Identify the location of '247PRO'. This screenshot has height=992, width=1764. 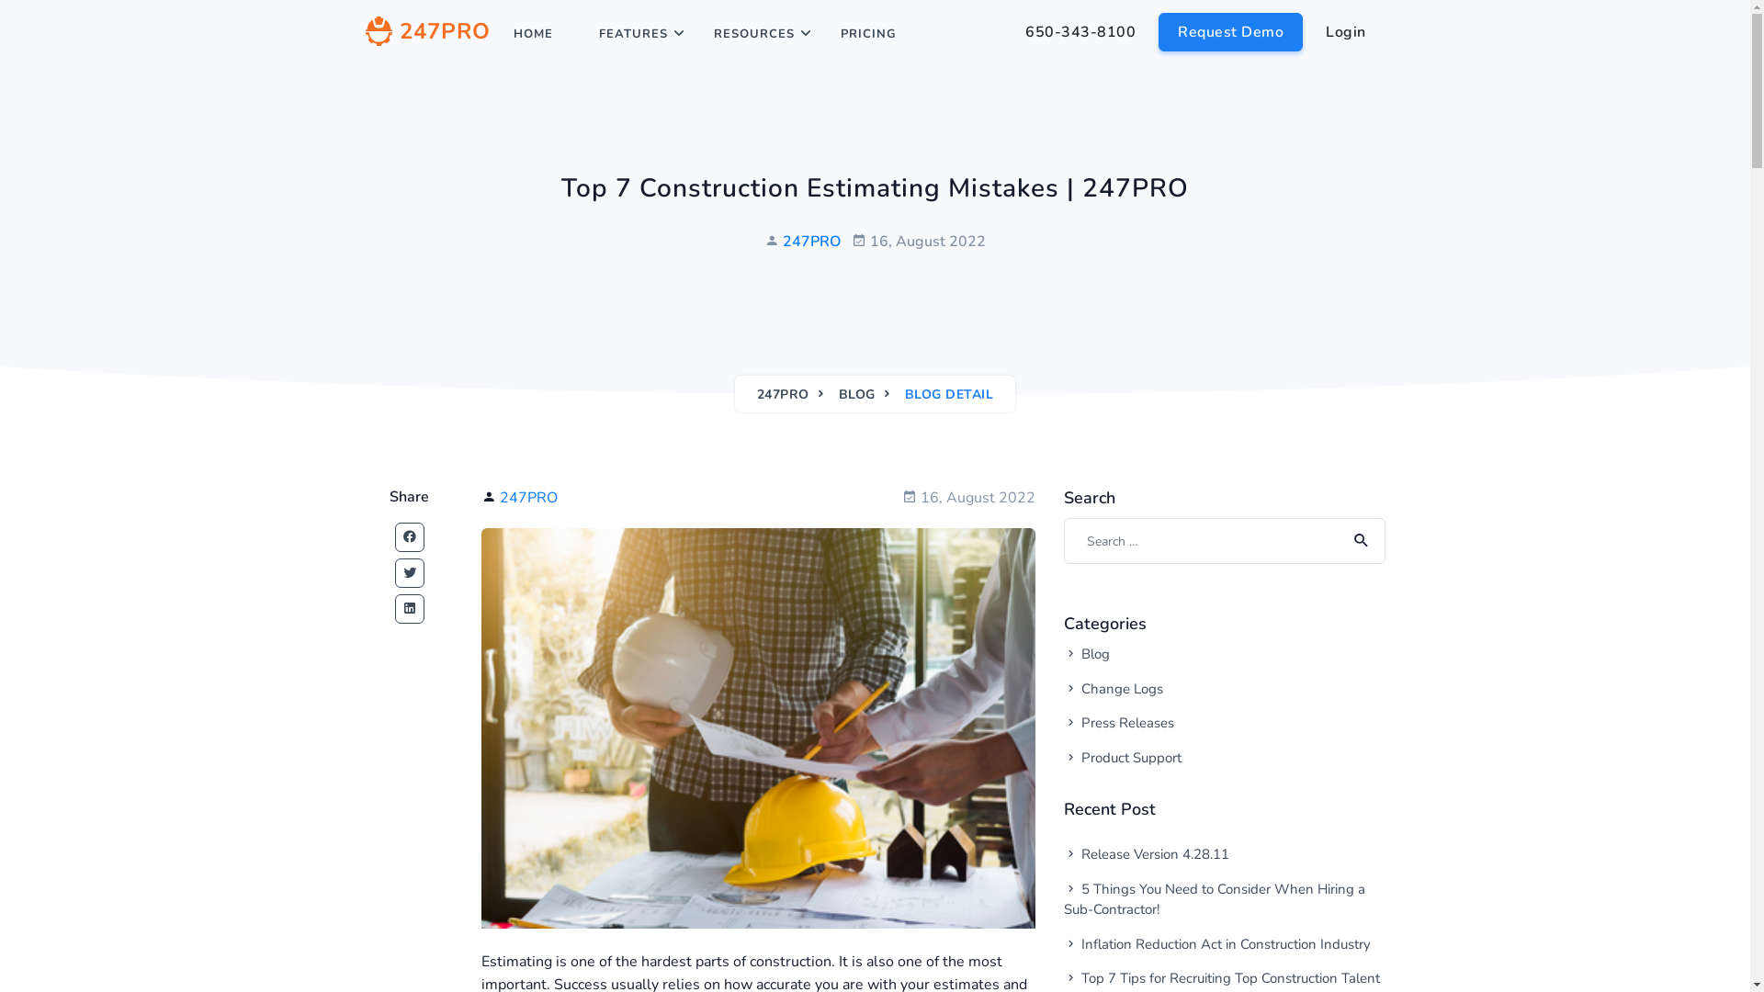
(527, 498).